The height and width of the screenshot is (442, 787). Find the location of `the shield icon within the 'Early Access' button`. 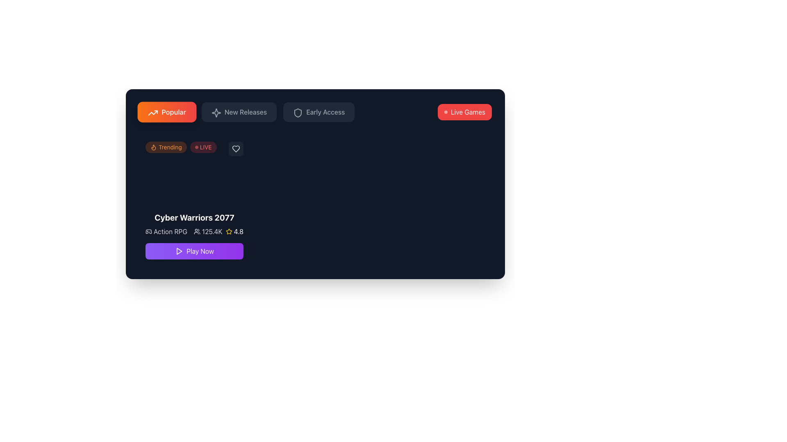

the shield icon within the 'Early Access' button is located at coordinates (298, 113).